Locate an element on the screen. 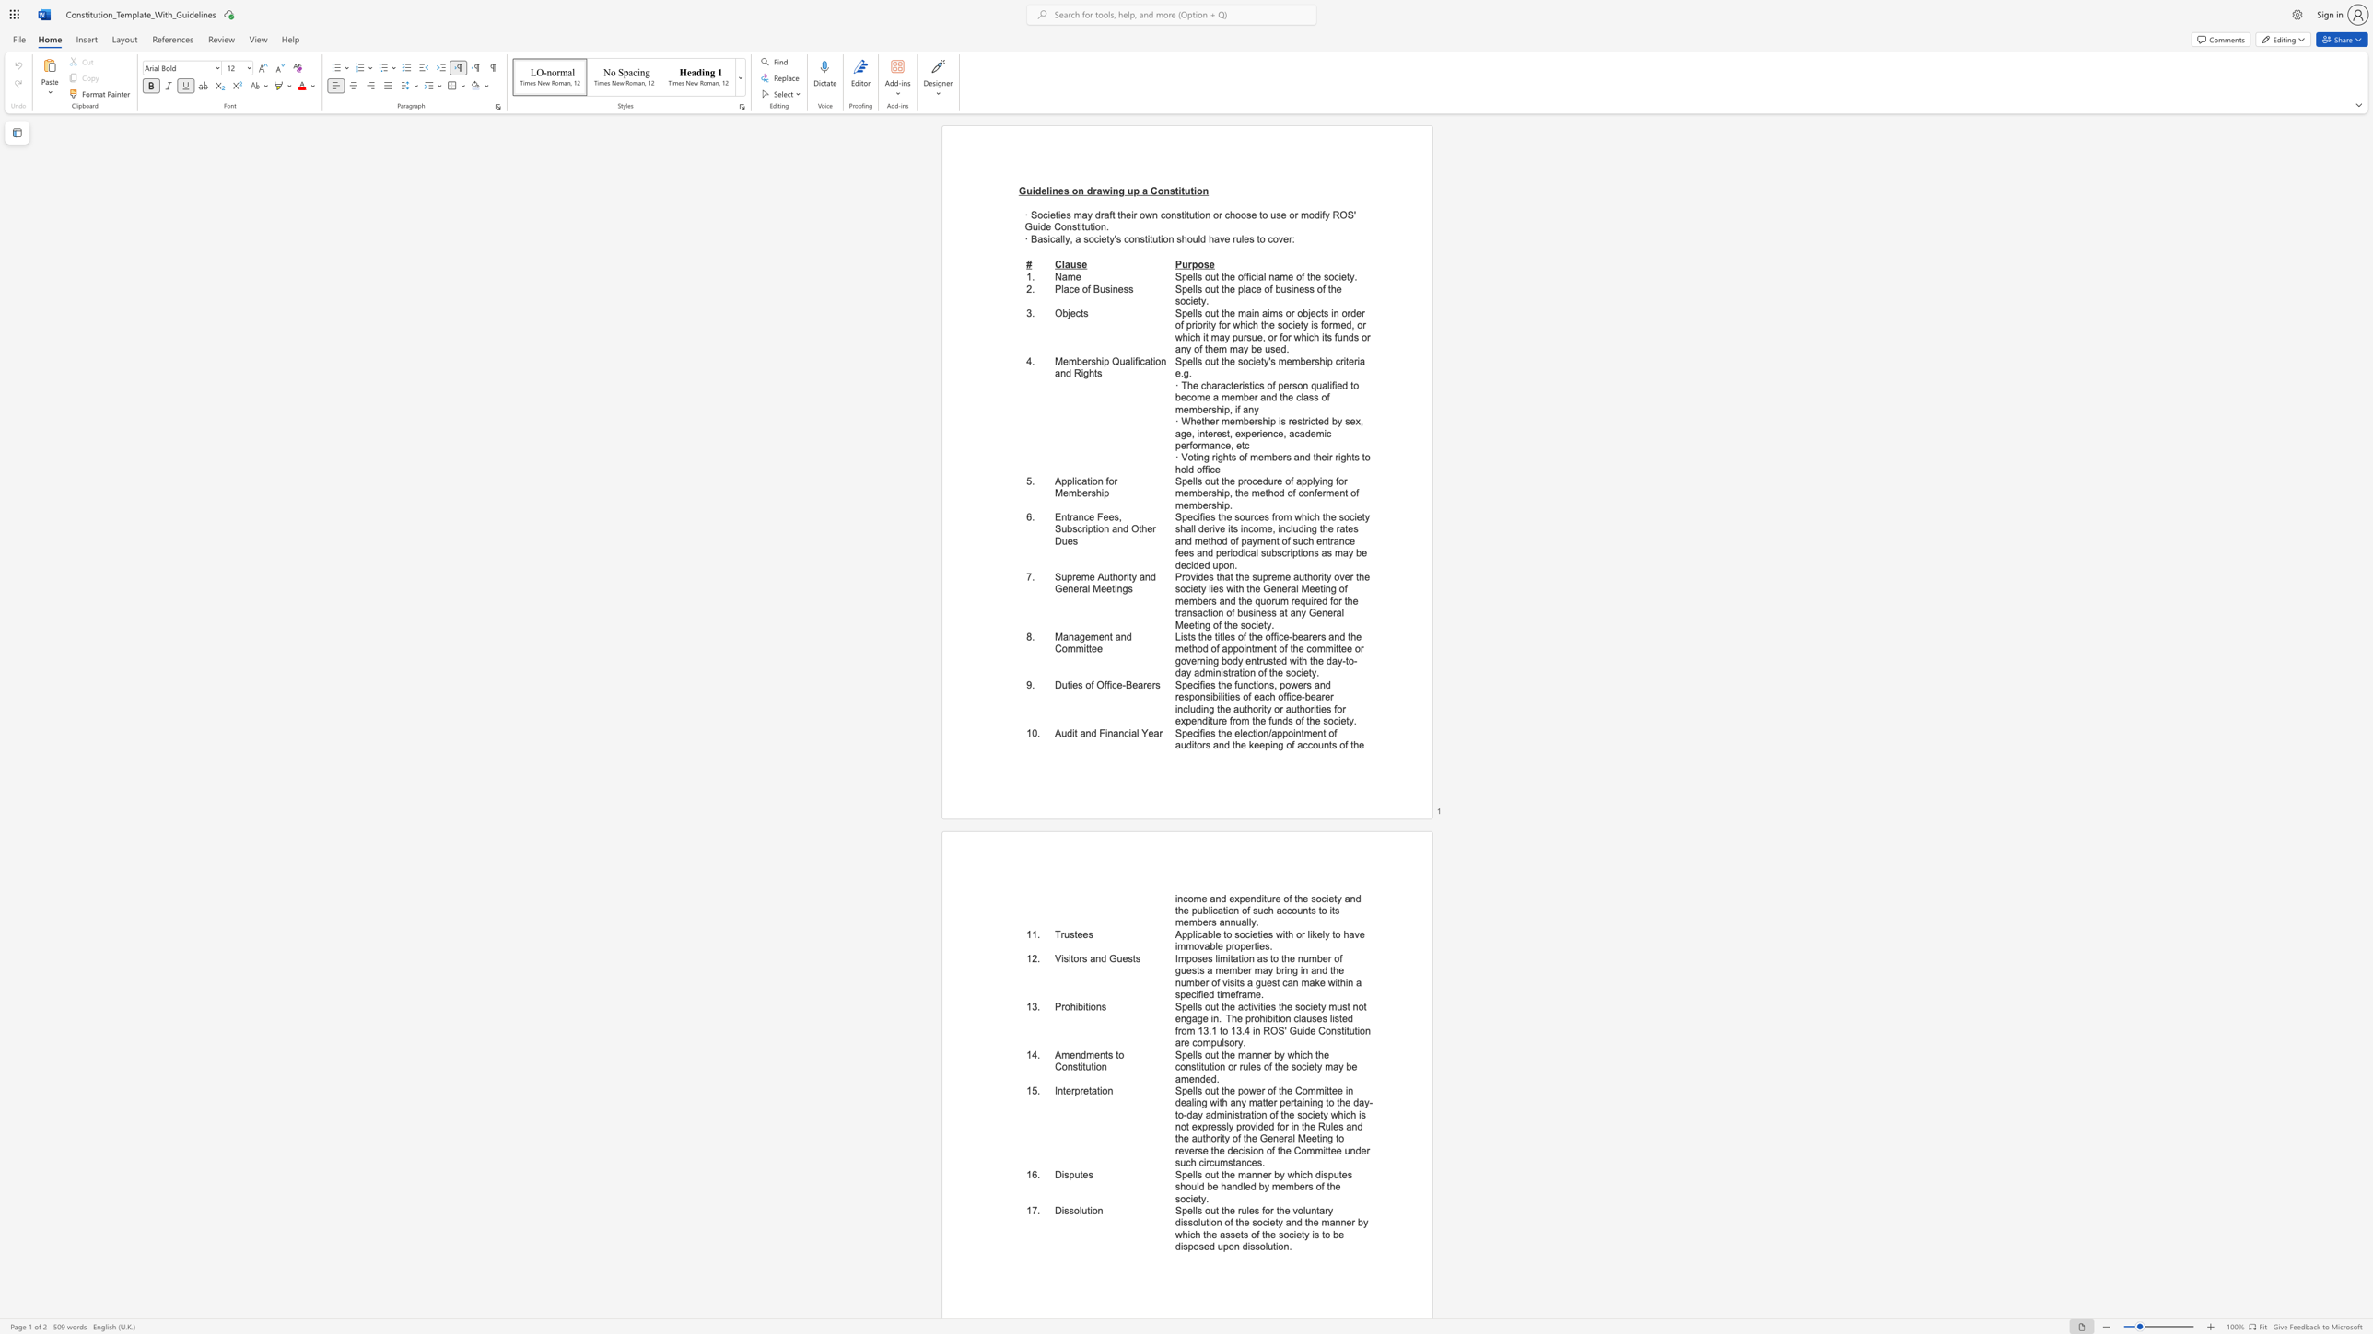 This screenshot has height=1334, width=2373. the subset text "members and the quorum required for the transaction of business at any General Meeting of the so" within the text "Provides that the supreme authority over the society lies with the General Meeting of members and the quorum required for the transaction of business at any General Meeting of the society." is located at coordinates (1175, 600).